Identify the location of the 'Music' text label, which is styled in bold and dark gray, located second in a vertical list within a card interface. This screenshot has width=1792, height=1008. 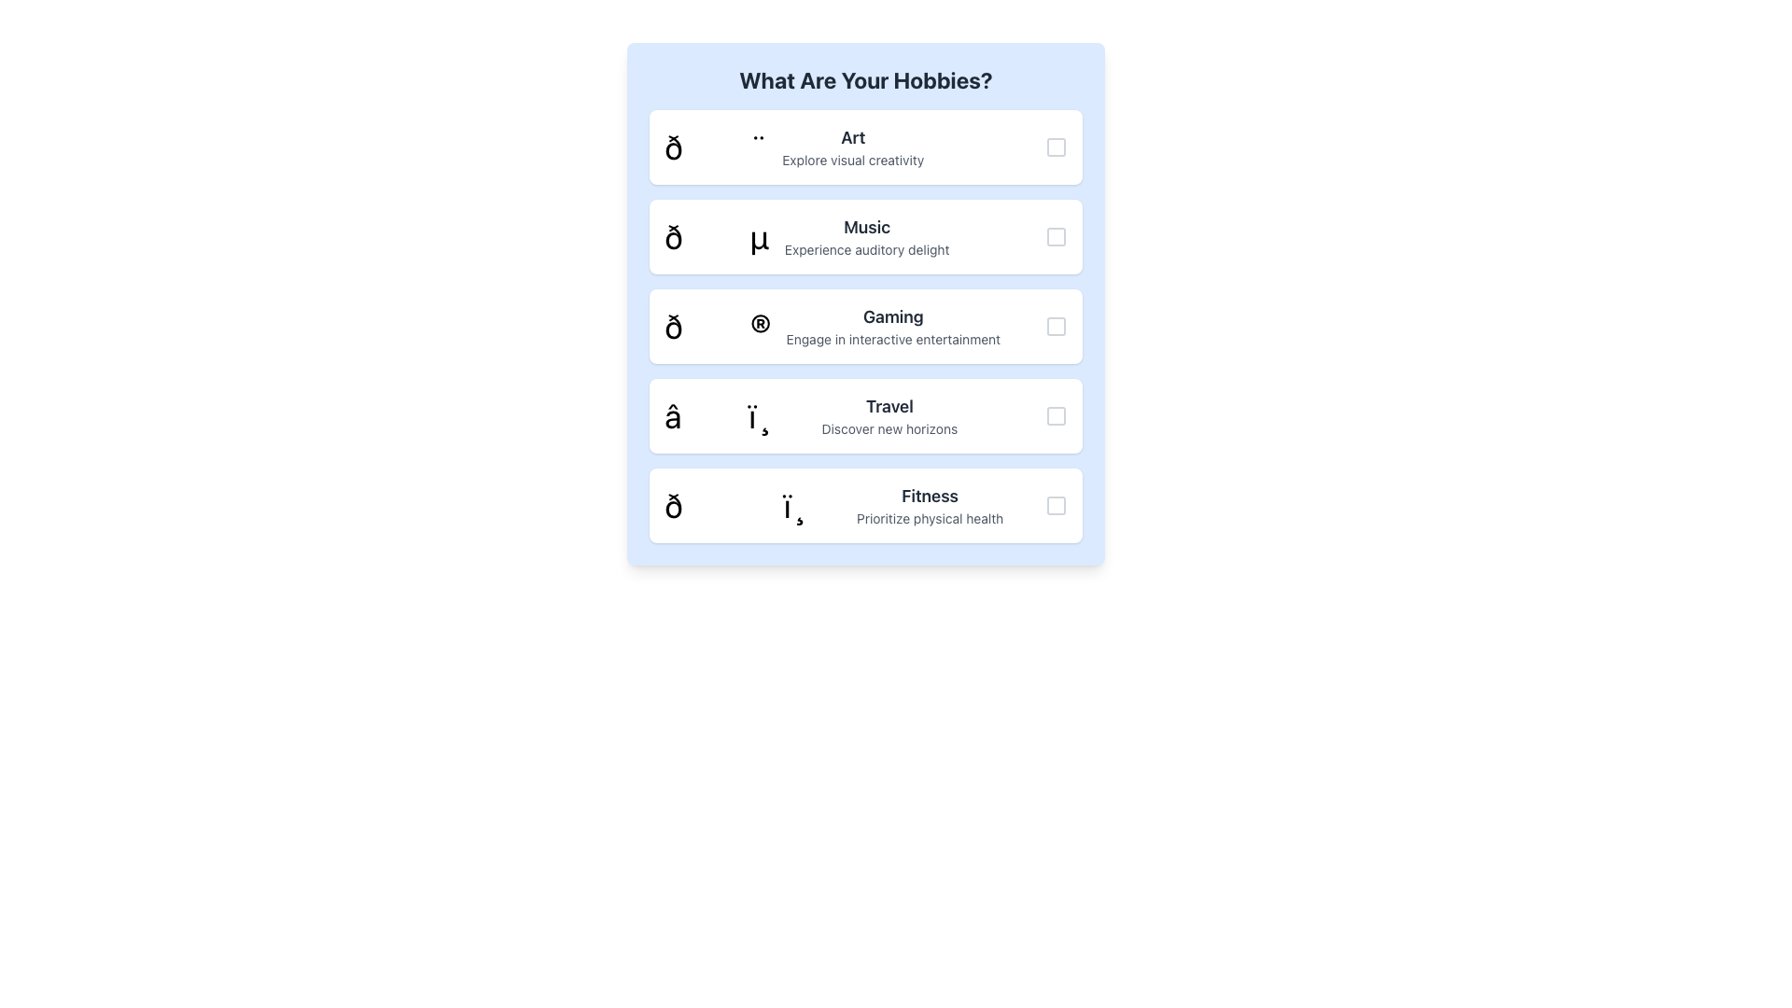
(866, 226).